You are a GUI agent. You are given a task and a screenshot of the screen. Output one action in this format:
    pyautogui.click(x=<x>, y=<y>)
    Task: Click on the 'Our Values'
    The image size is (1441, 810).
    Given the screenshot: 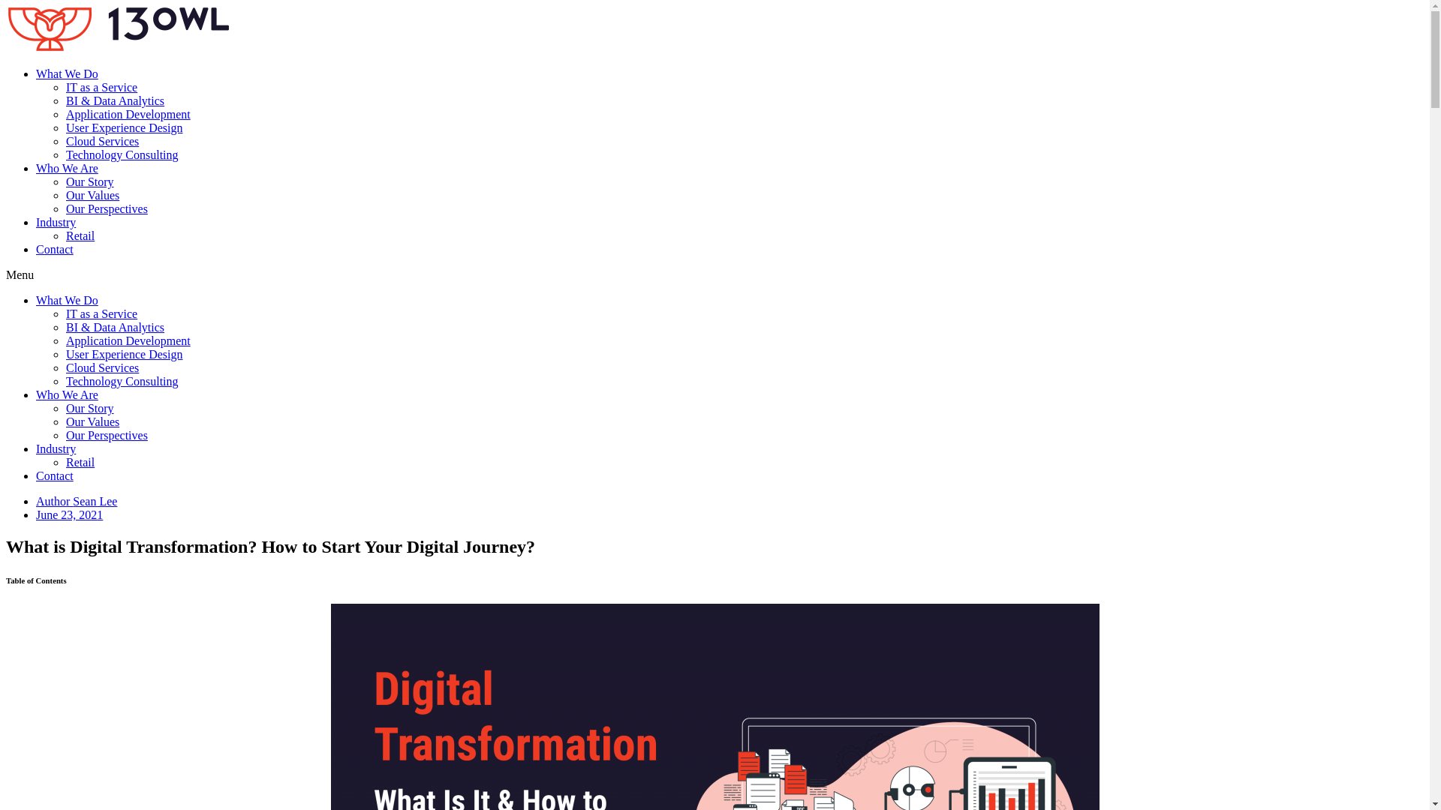 What is the action you would take?
    pyautogui.click(x=92, y=194)
    